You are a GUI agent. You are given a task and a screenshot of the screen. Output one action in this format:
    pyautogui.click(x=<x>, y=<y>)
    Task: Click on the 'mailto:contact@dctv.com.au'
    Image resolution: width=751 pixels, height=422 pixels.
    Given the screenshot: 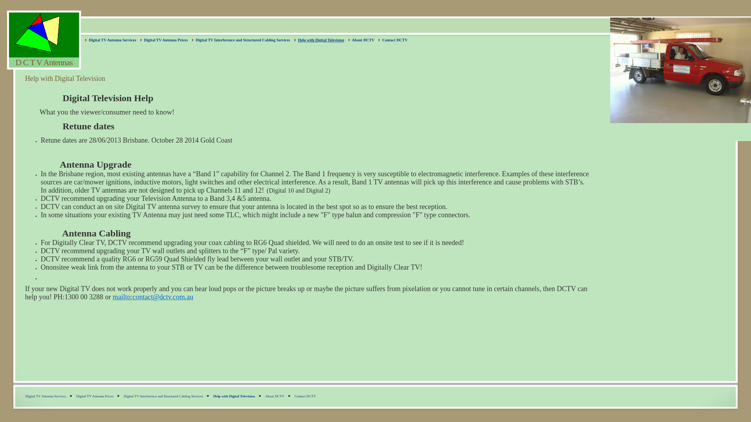 What is the action you would take?
    pyautogui.click(x=112, y=298)
    